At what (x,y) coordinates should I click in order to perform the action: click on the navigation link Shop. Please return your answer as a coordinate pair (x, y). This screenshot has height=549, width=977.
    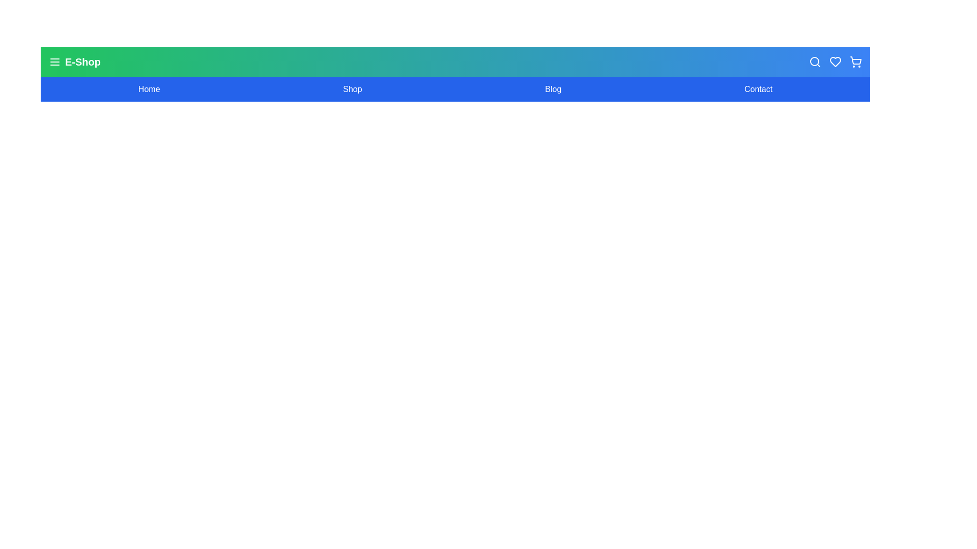
    Looking at the image, I should click on (352, 89).